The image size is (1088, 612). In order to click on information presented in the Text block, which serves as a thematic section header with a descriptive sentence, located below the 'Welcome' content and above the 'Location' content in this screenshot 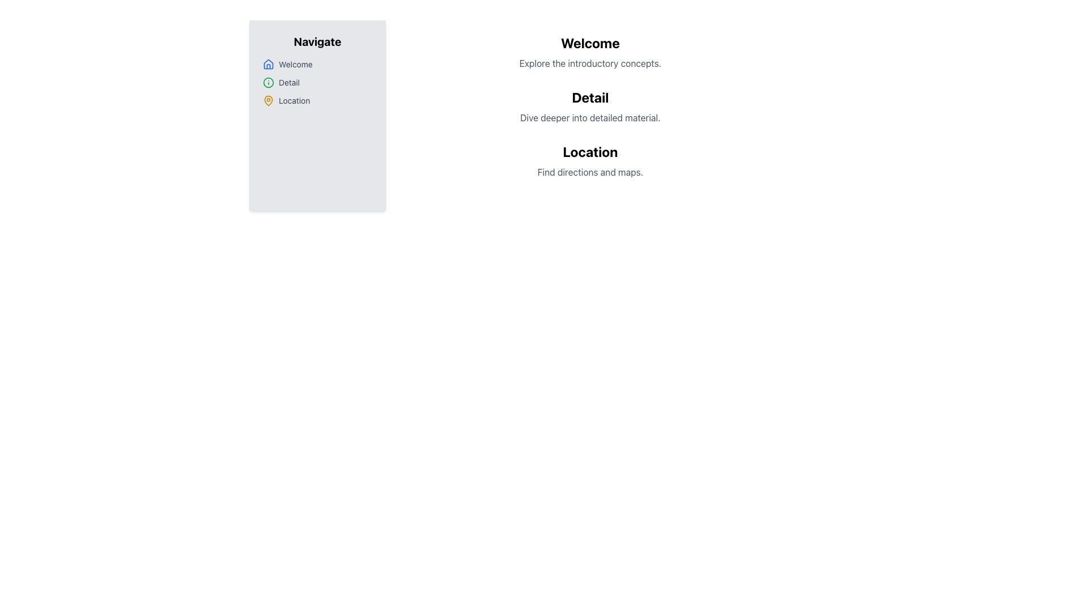, I will do `click(589, 107)`.